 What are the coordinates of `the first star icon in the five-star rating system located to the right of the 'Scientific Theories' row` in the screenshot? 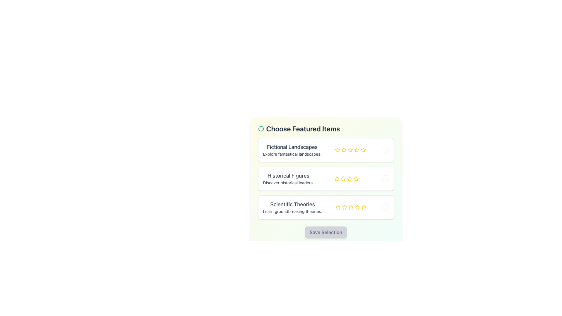 It's located at (338, 207).